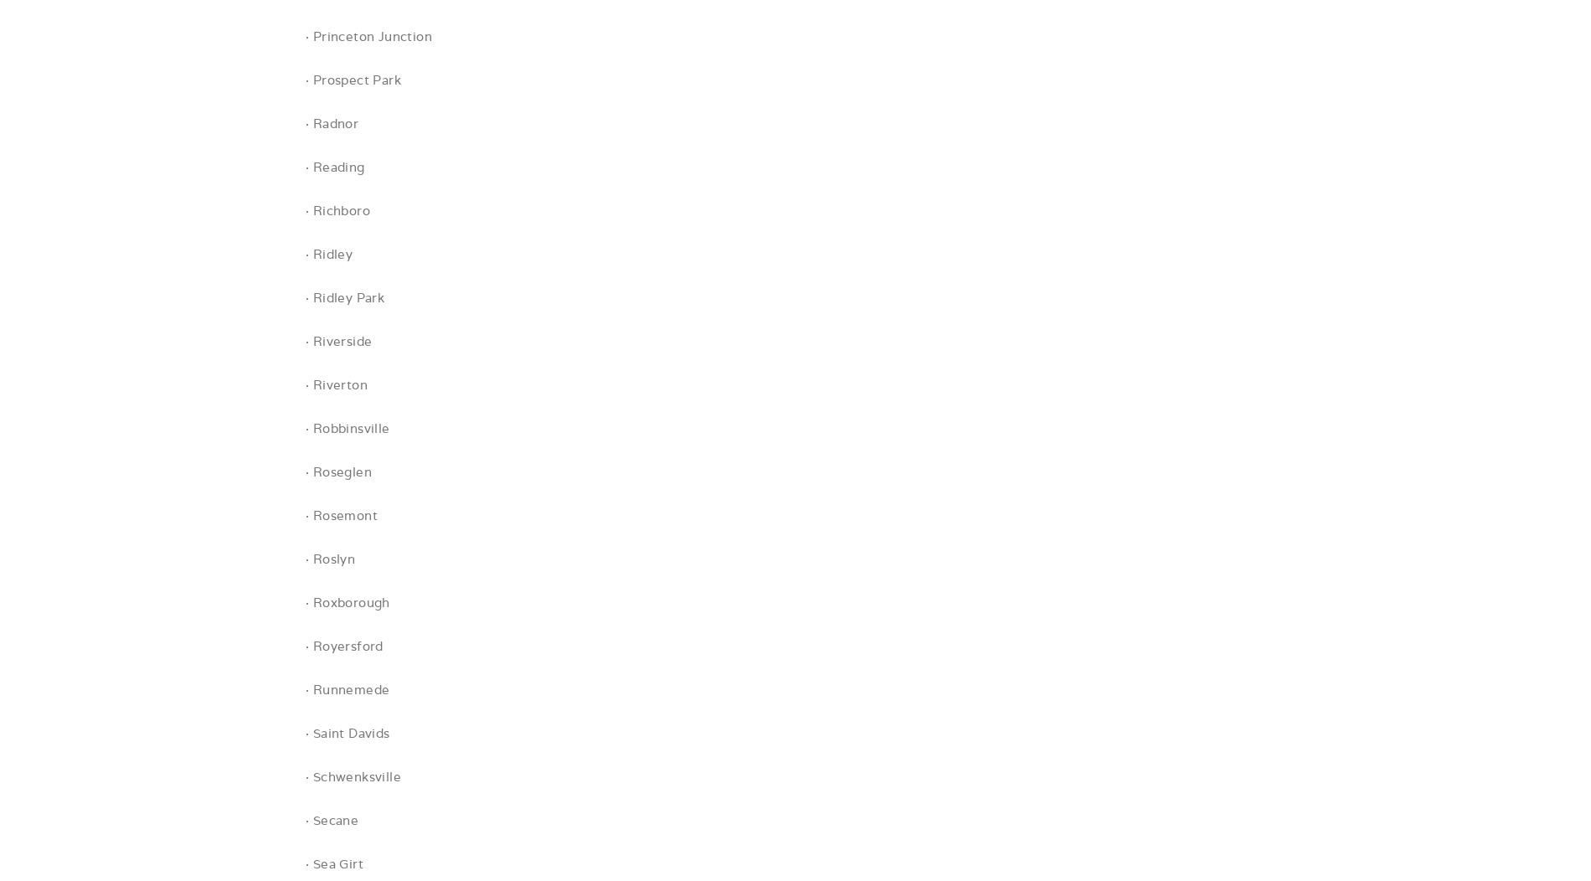 This screenshot has height=881, width=1591. I want to click on '· Schwenksville', so click(352, 775).